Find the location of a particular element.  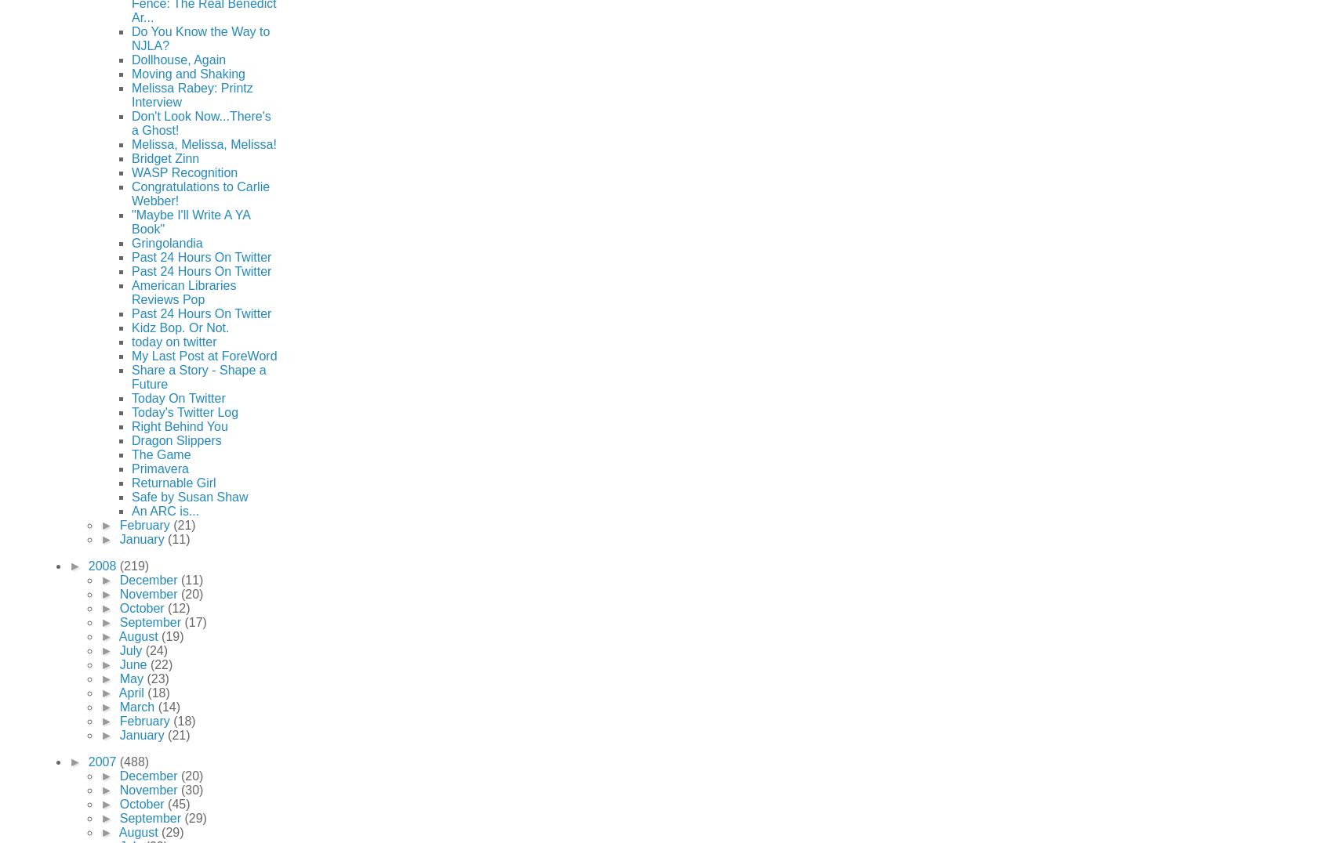

'The Game' is located at coordinates (130, 453).